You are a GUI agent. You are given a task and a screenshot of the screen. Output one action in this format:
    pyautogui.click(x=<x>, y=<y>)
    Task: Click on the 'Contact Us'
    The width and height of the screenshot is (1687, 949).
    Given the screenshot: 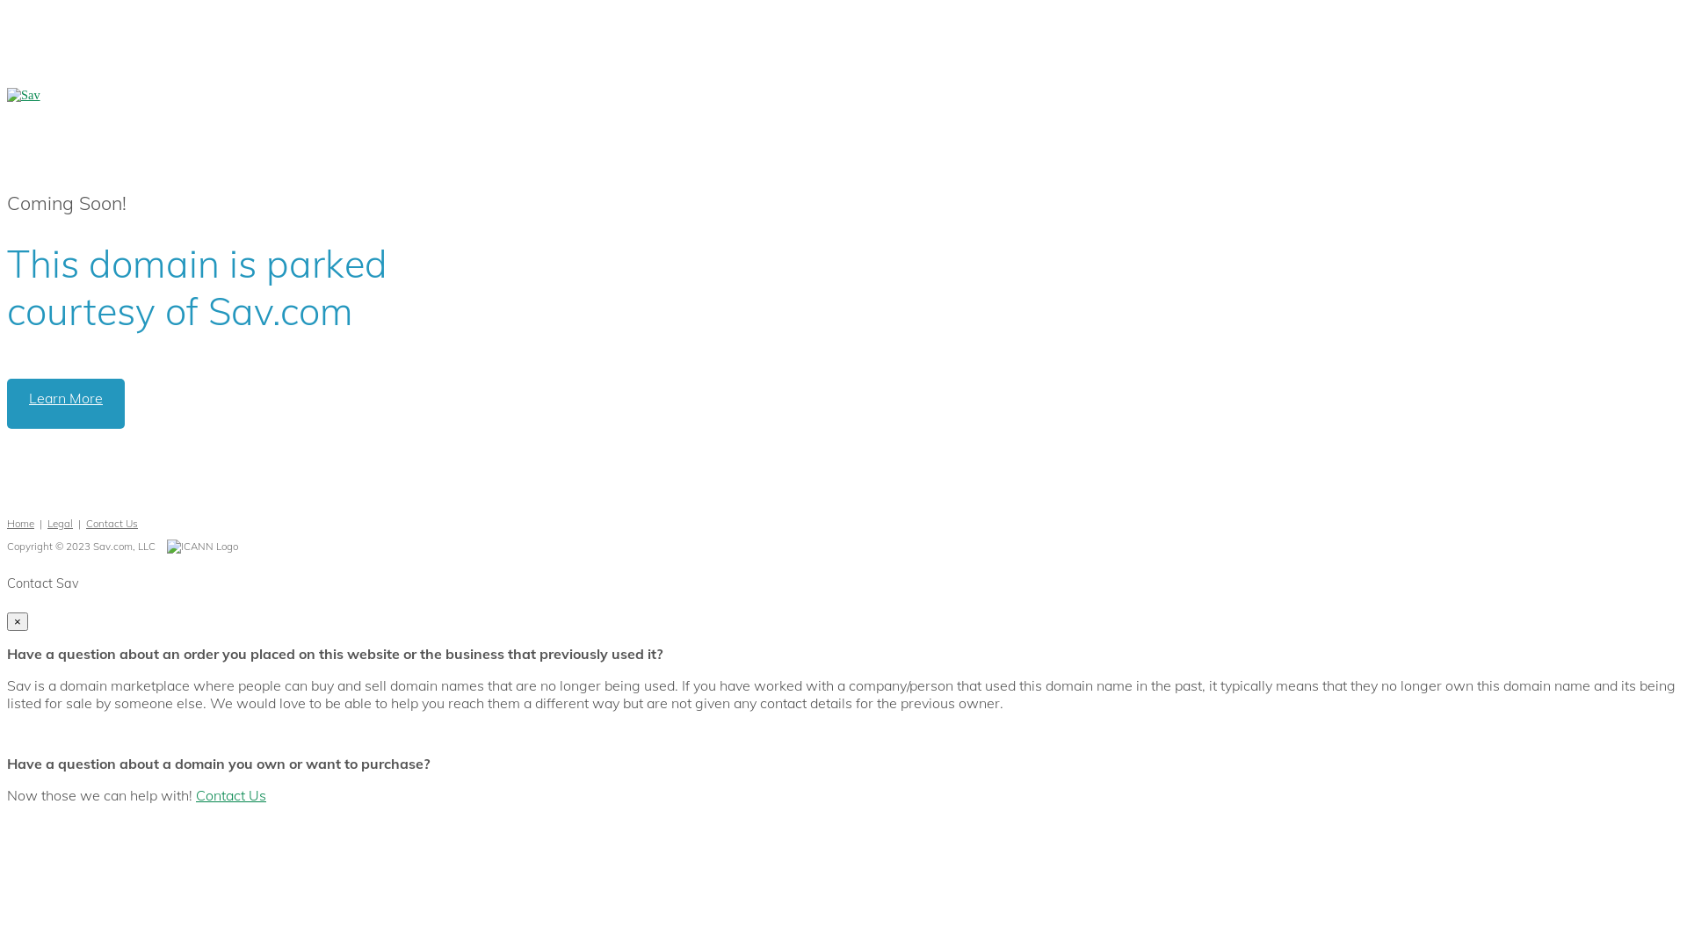 What is the action you would take?
    pyautogui.click(x=195, y=795)
    